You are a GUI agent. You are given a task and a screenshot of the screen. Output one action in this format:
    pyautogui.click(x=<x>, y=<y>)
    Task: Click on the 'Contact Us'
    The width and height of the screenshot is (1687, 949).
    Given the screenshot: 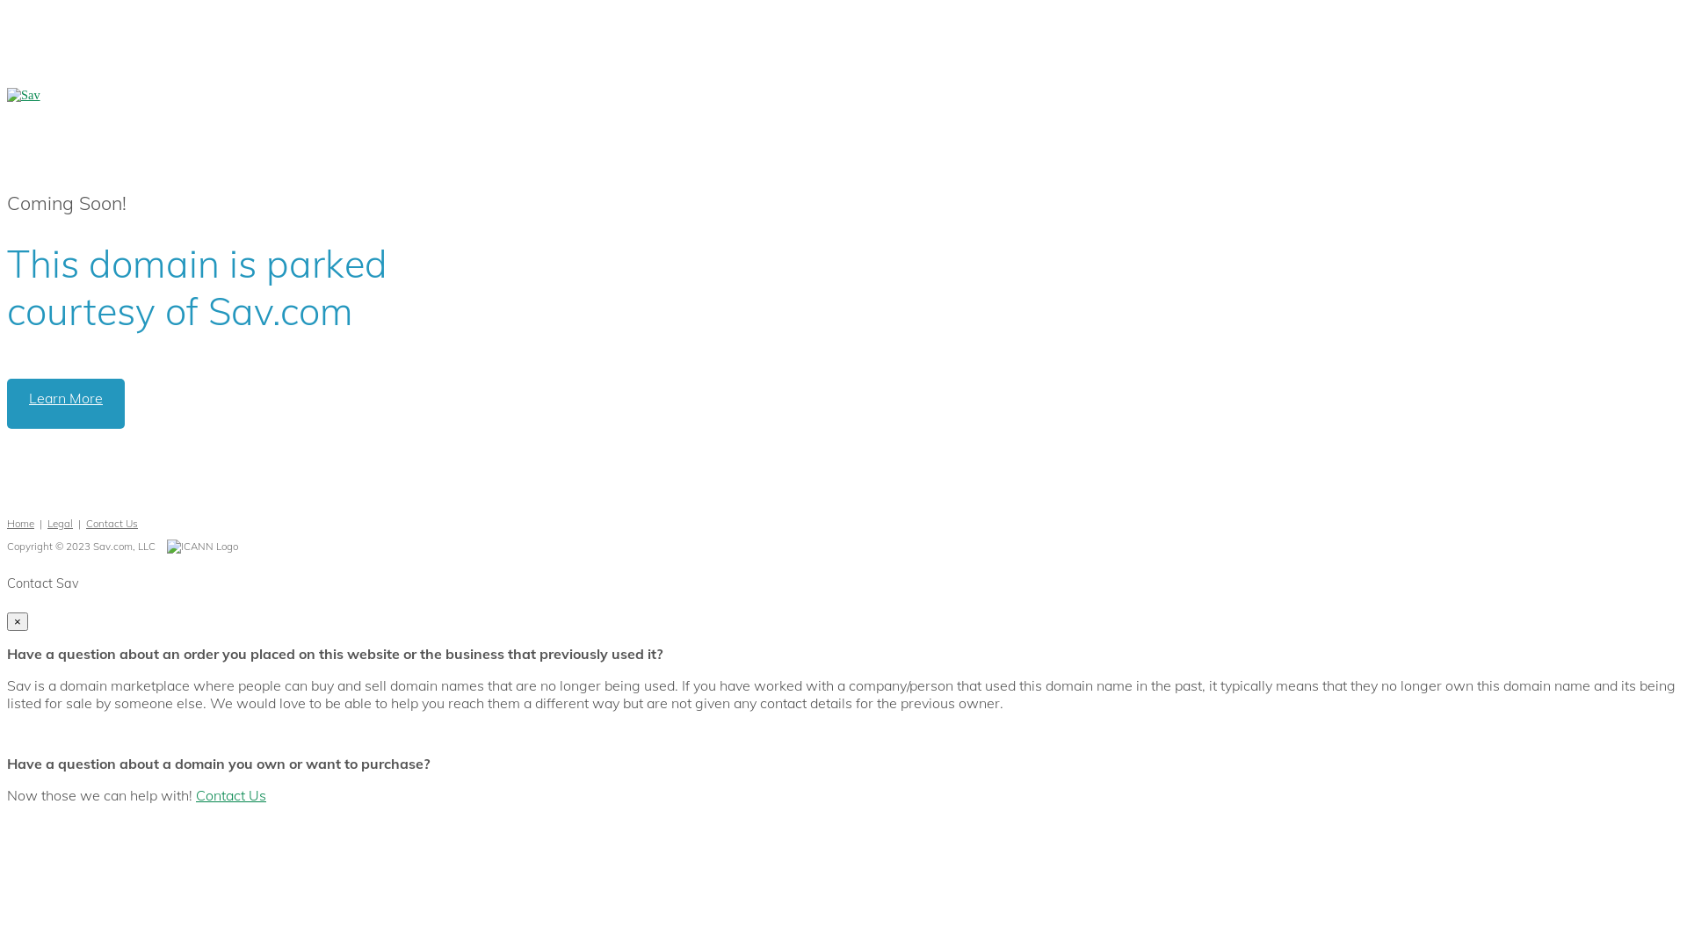 What is the action you would take?
    pyautogui.click(x=195, y=795)
    